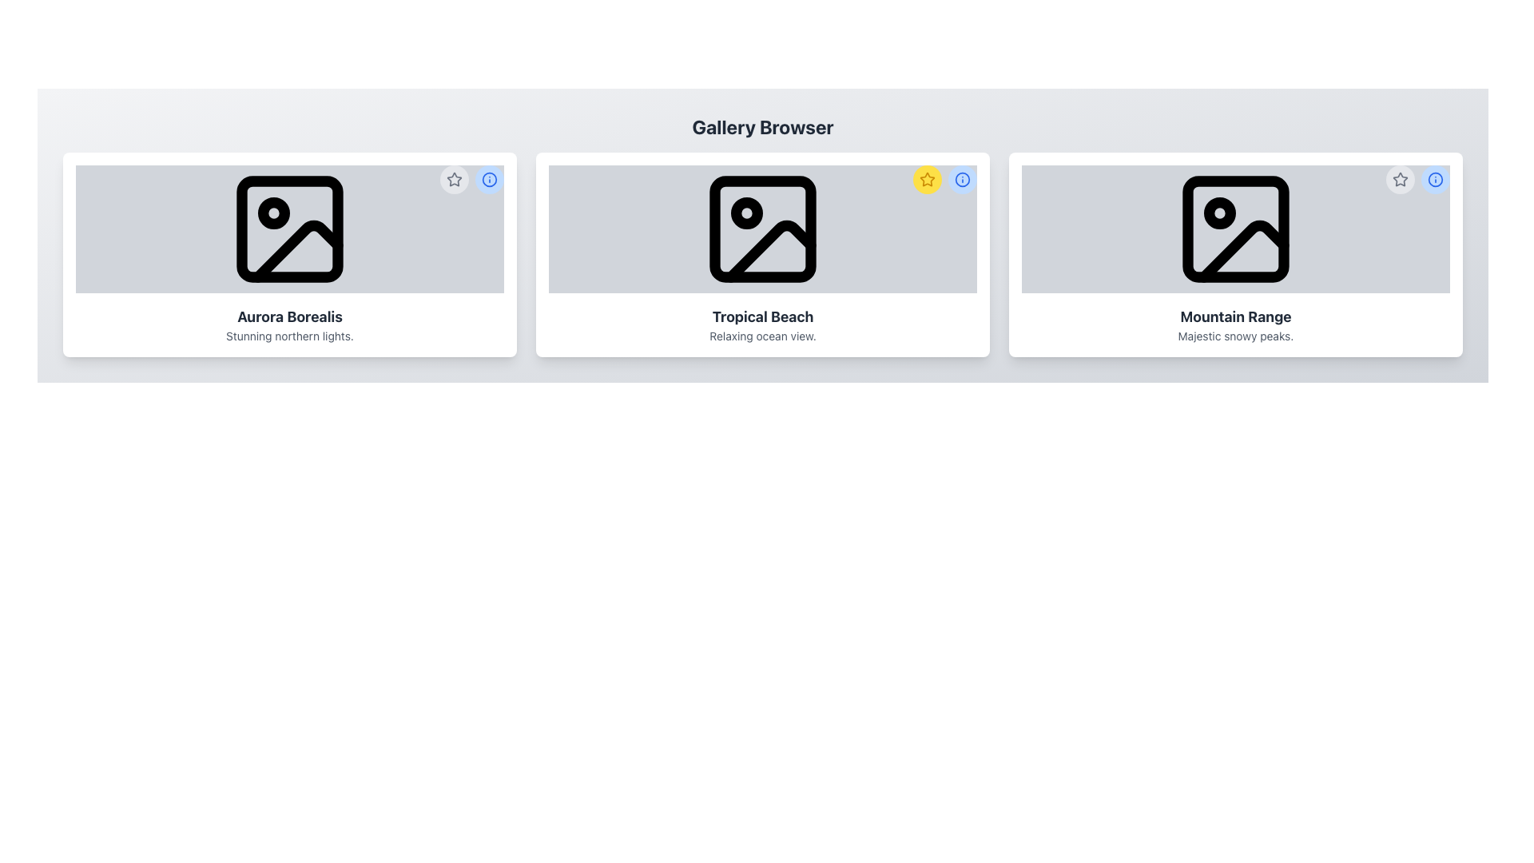 The height and width of the screenshot is (863, 1534). I want to click on the information icon located at the top right corner of the 'Tropical Beach' card, so click(961, 179).